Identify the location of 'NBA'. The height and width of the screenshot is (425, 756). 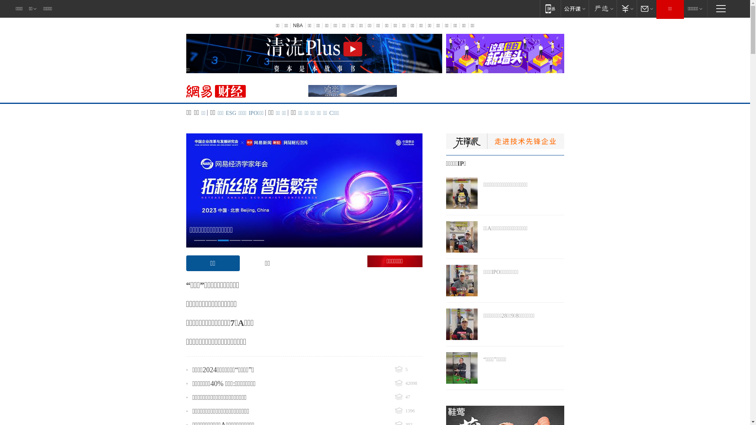
(290, 25).